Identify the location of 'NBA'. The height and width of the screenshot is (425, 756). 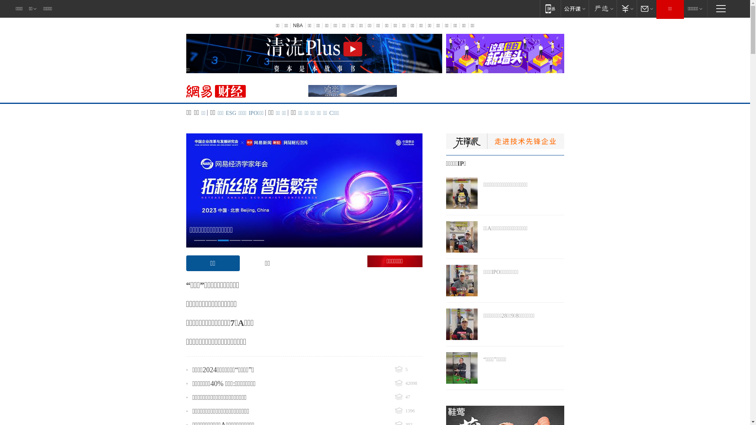
(290, 25).